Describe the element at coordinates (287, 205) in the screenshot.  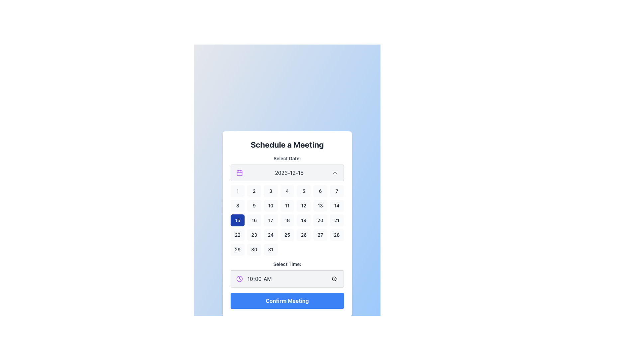
I see `a date within the Date Picker Calendar Component located in the modal titled 'Schedule a Meeting'` at that location.